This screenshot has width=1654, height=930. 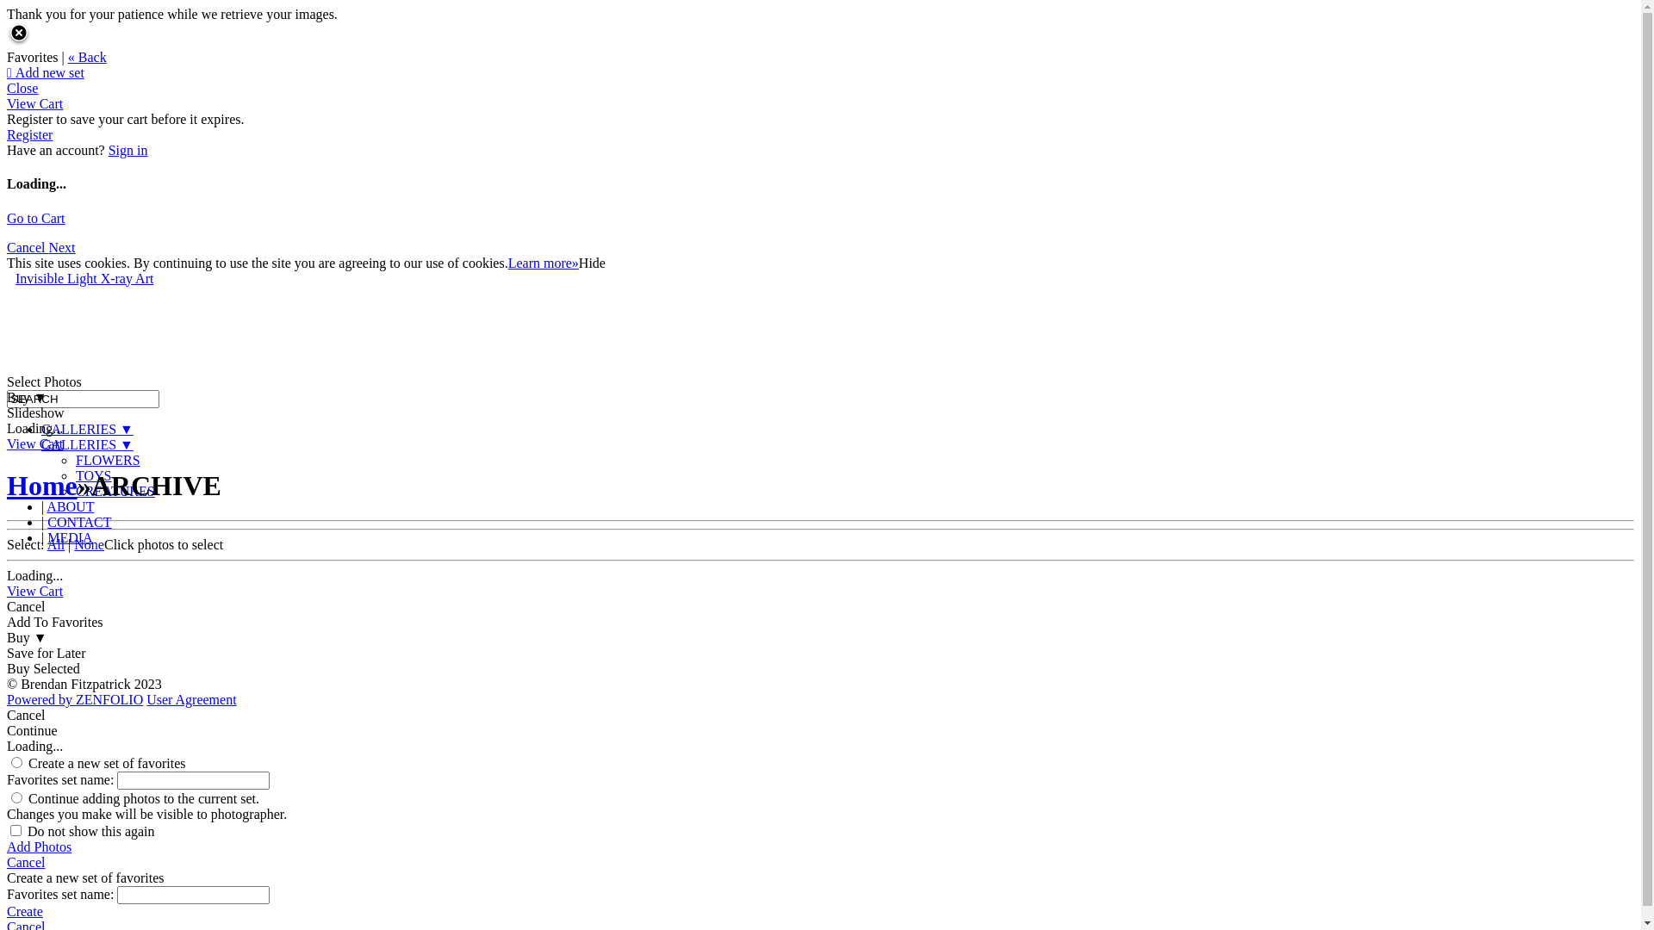 What do you see at coordinates (190, 699) in the screenshot?
I see `'User Agreement'` at bounding box center [190, 699].